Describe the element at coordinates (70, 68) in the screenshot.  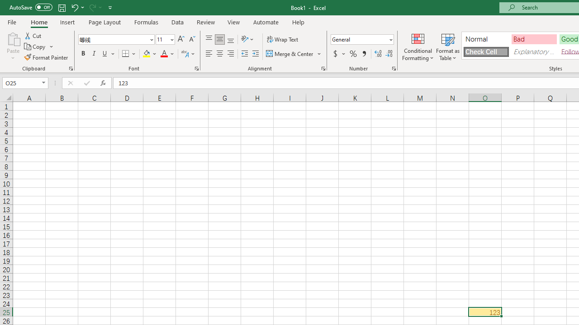
I see `'Office Clipboard...'` at that location.